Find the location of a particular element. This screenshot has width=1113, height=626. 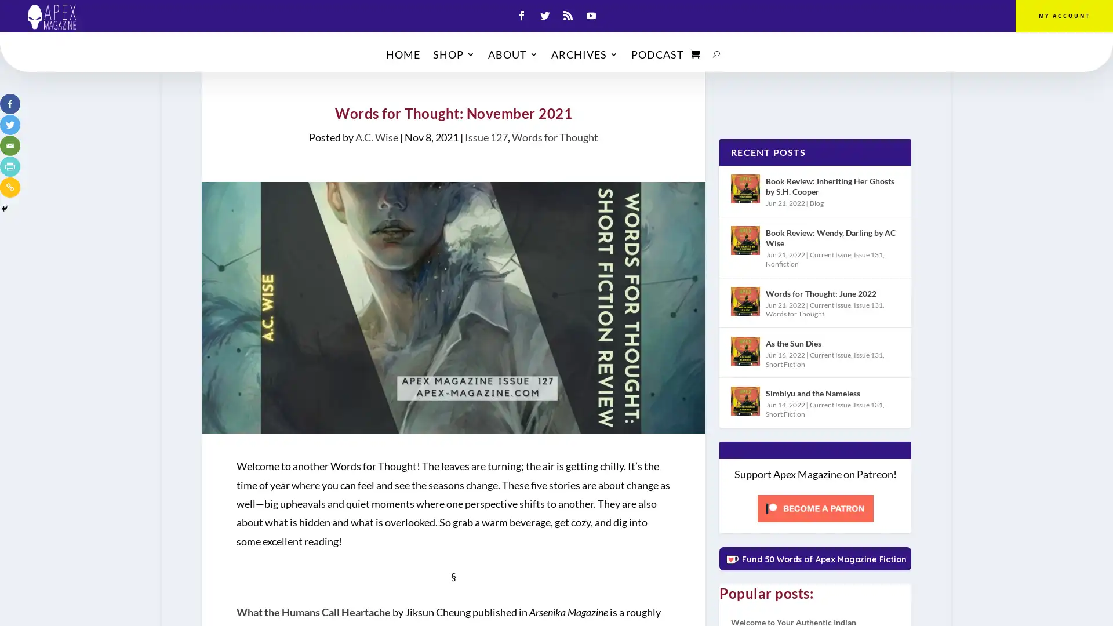

Subscribe Now is located at coordinates (556, 357).